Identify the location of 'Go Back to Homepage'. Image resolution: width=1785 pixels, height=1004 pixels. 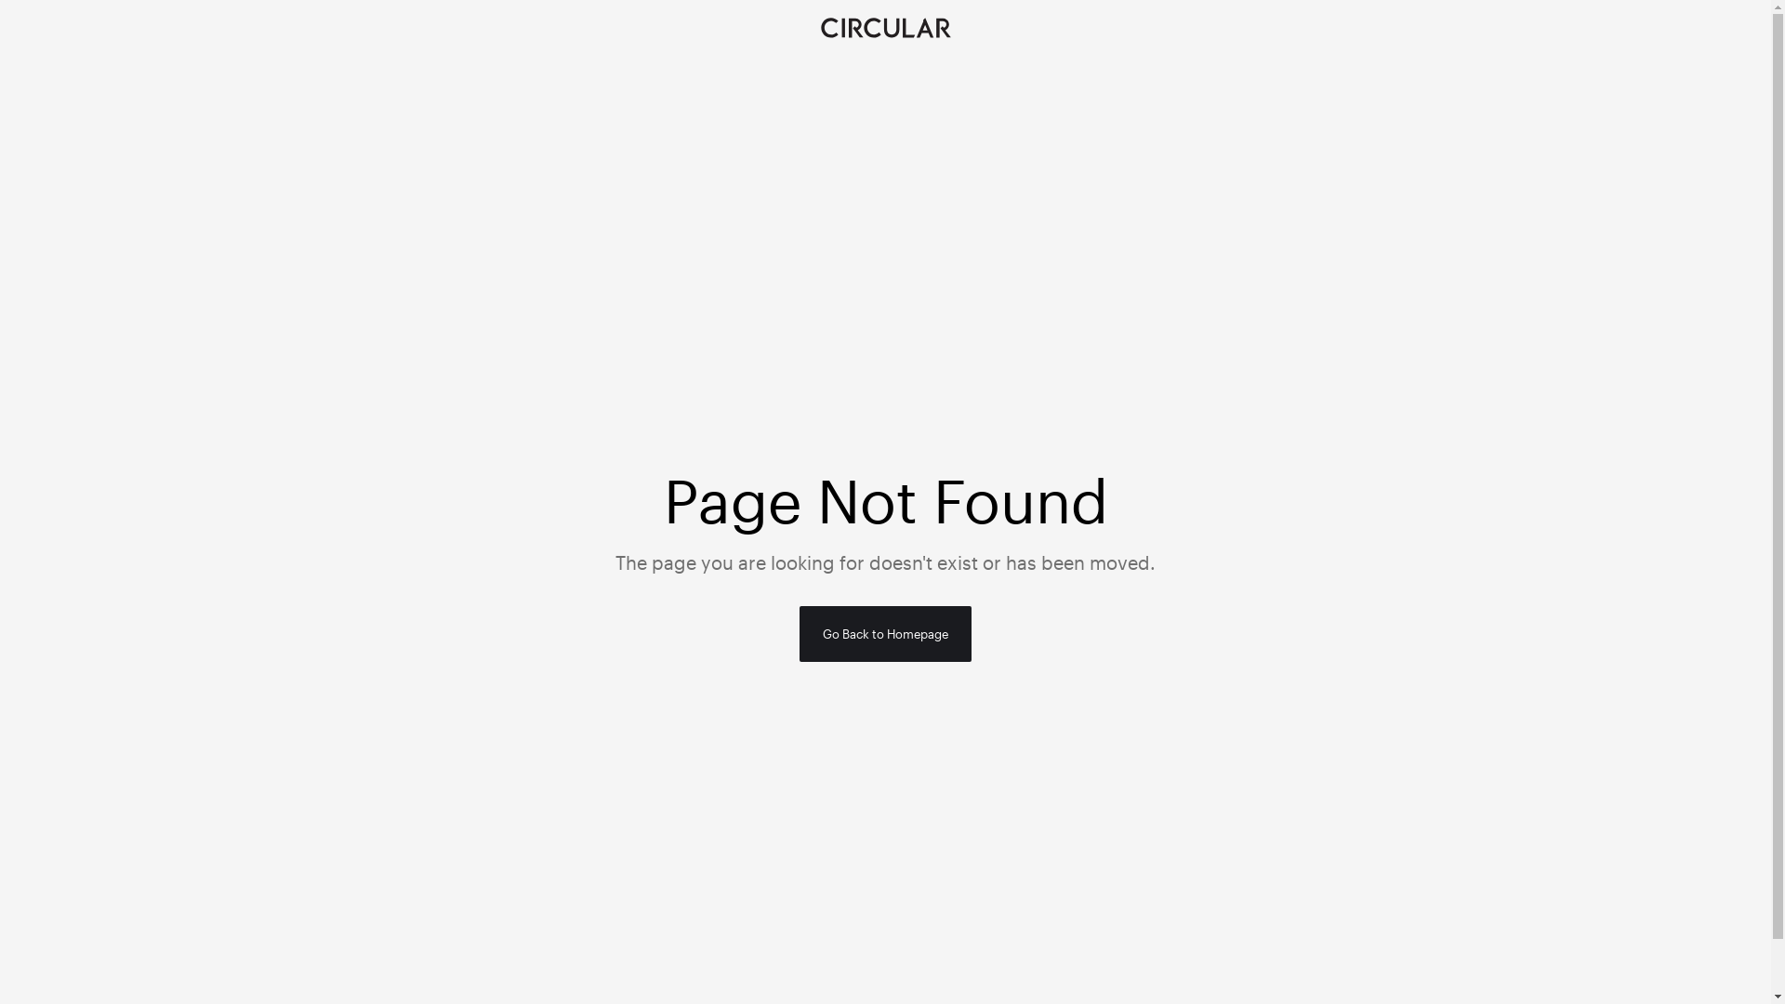
(884, 633).